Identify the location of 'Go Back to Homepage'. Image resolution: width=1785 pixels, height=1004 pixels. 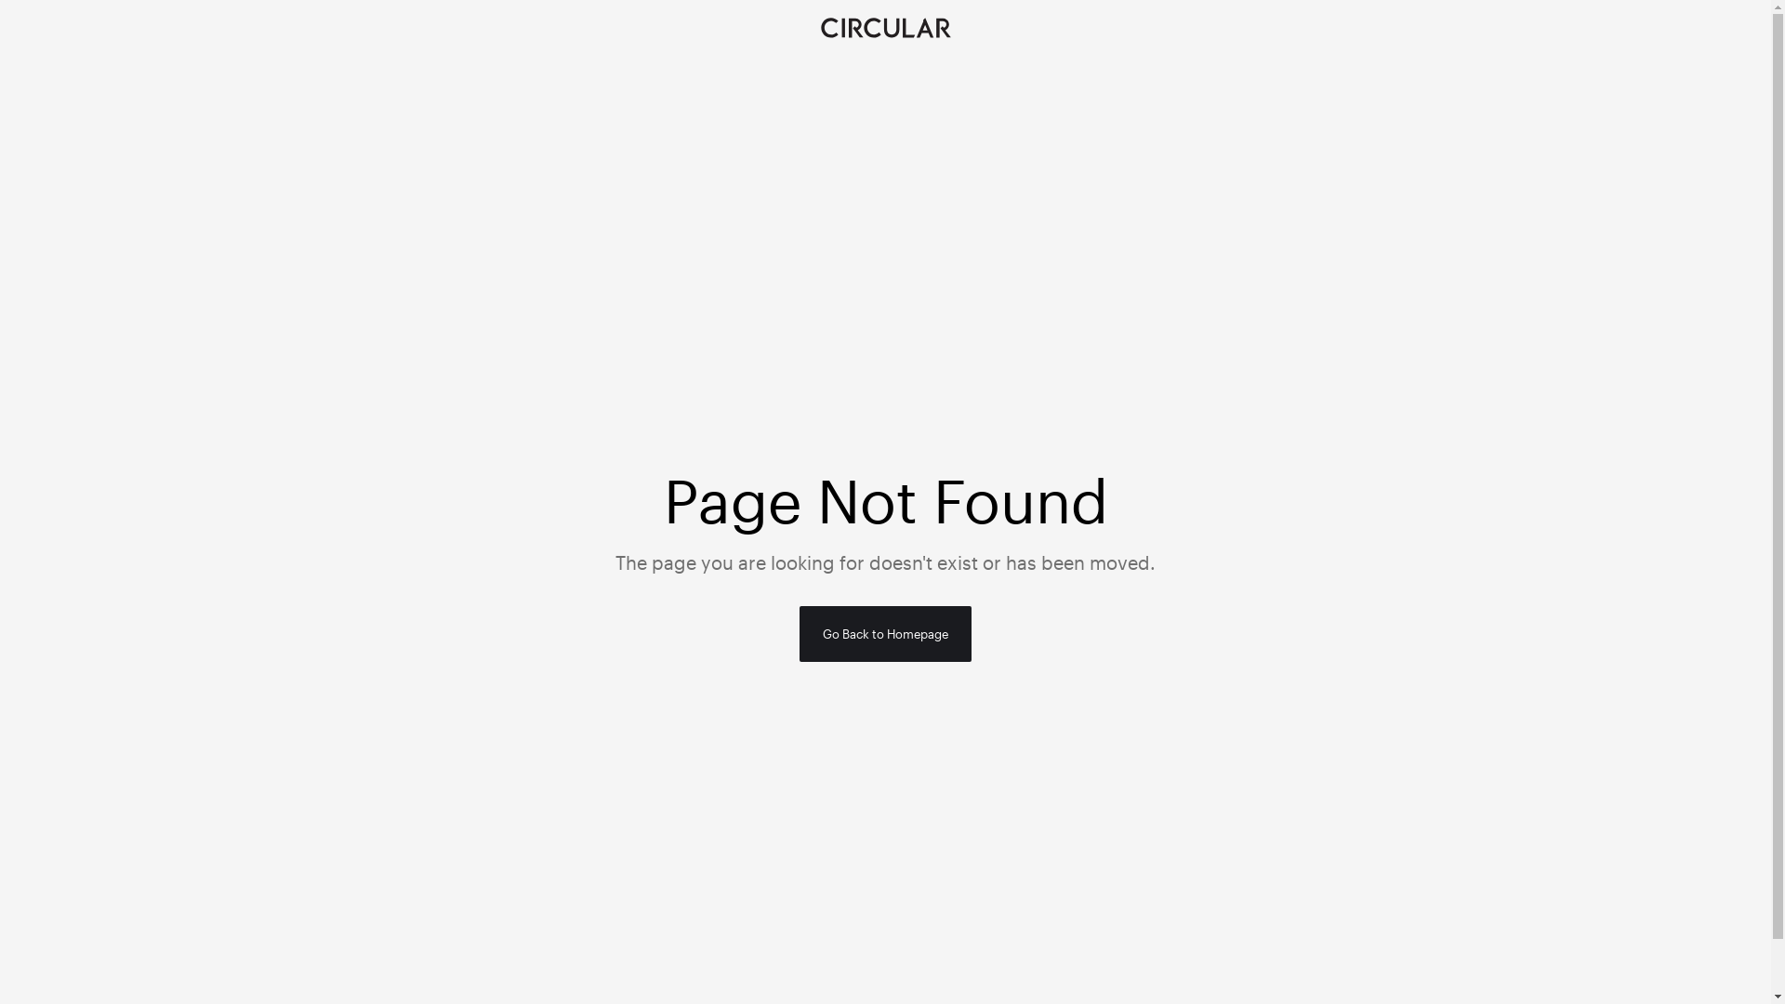
(884, 633).